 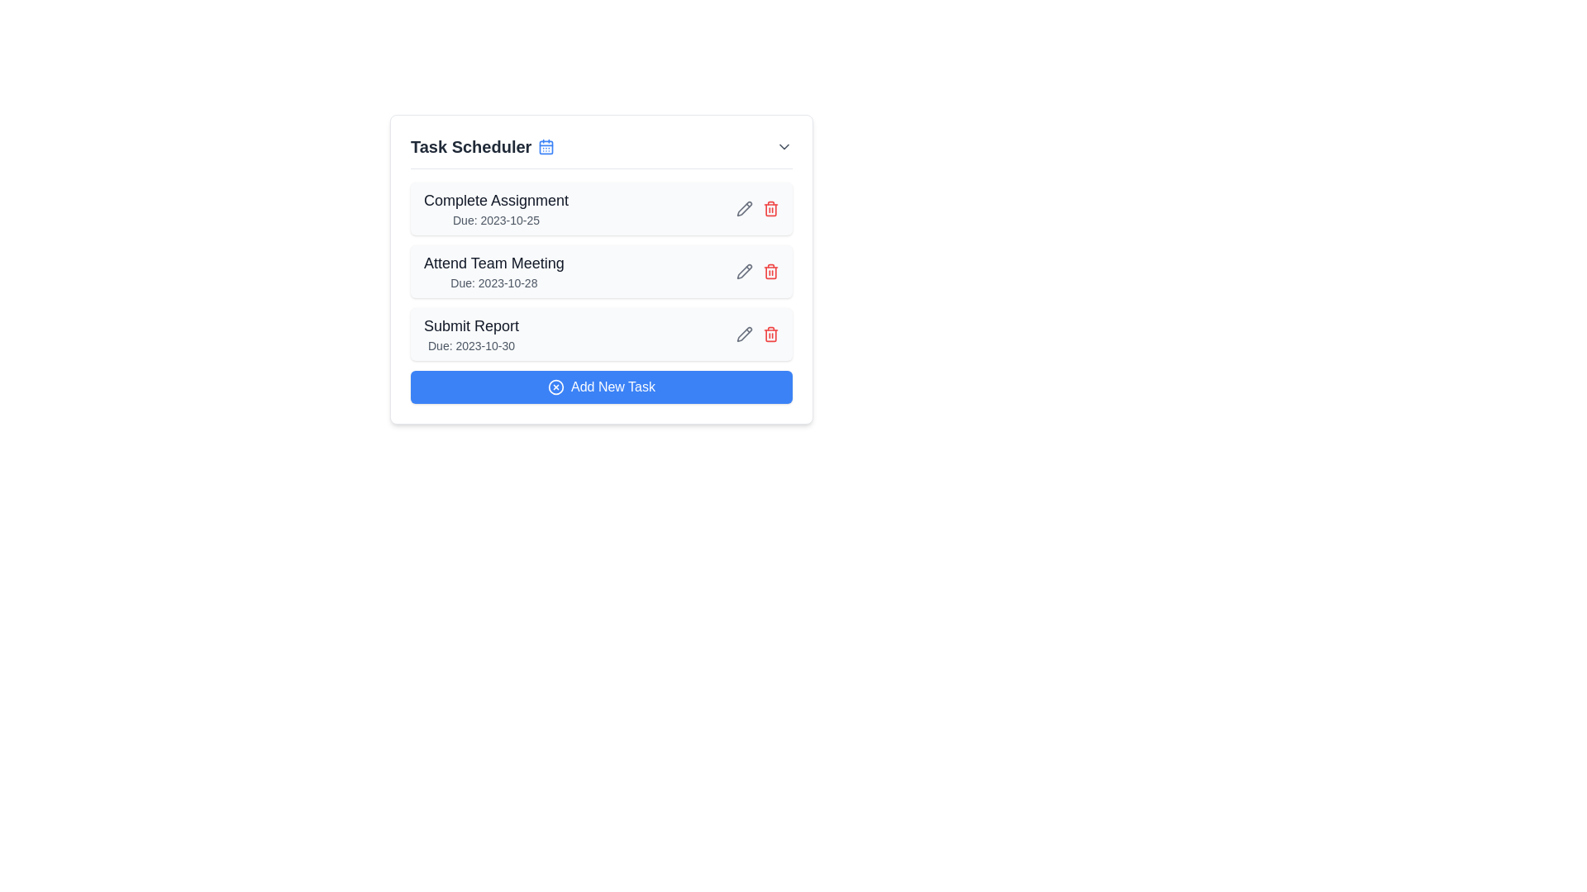 What do you see at coordinates (493, 270) in the screenshot?
I see `the Task entry displaying 'Attend Team Meeting' with due date '2023-10-28', which is the second item in the task list` at bounding box center [493, 270].